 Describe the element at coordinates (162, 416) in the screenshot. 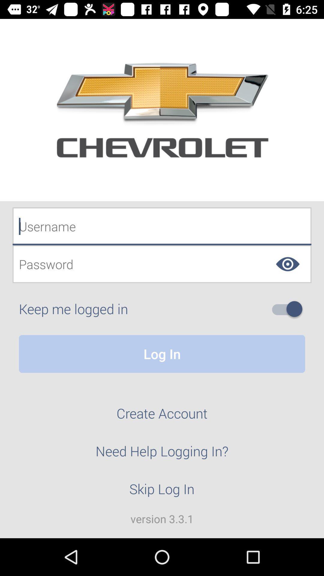

I see `the create account icon` at that location.